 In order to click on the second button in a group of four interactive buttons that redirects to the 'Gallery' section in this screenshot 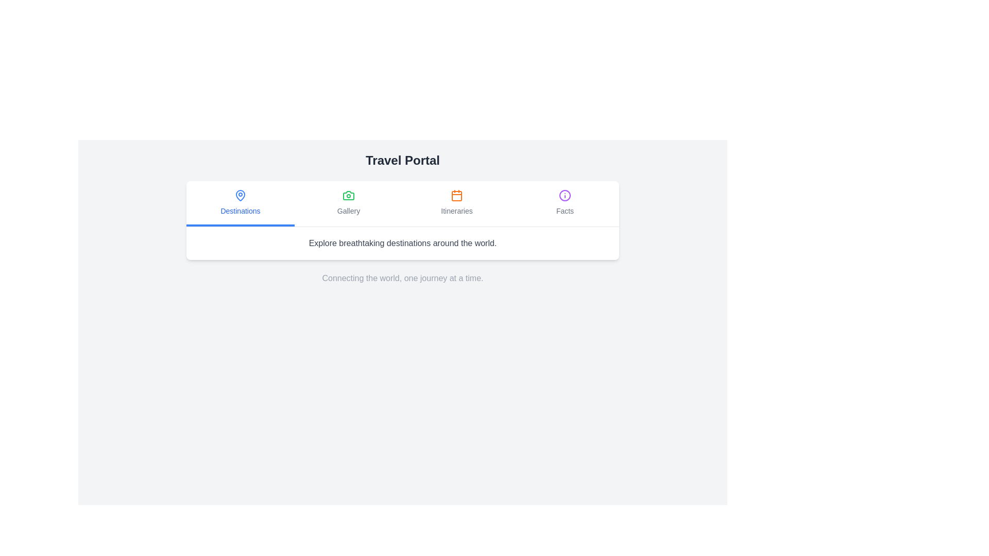, I will do `click(348, 204)`.